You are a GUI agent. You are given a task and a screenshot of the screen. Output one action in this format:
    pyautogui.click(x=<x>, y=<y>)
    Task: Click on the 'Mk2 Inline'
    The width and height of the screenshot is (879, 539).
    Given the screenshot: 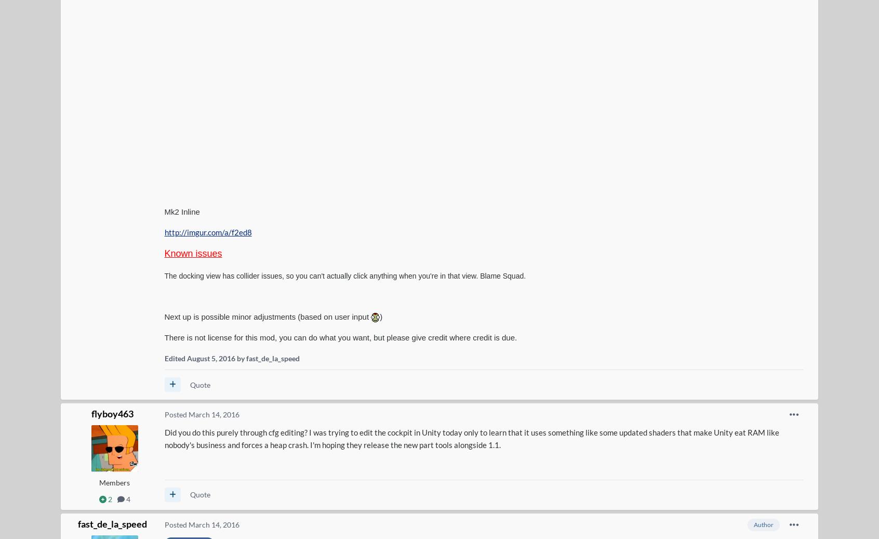 What is the action you would take?
    pyautogui.click(x=181, y=211)
    